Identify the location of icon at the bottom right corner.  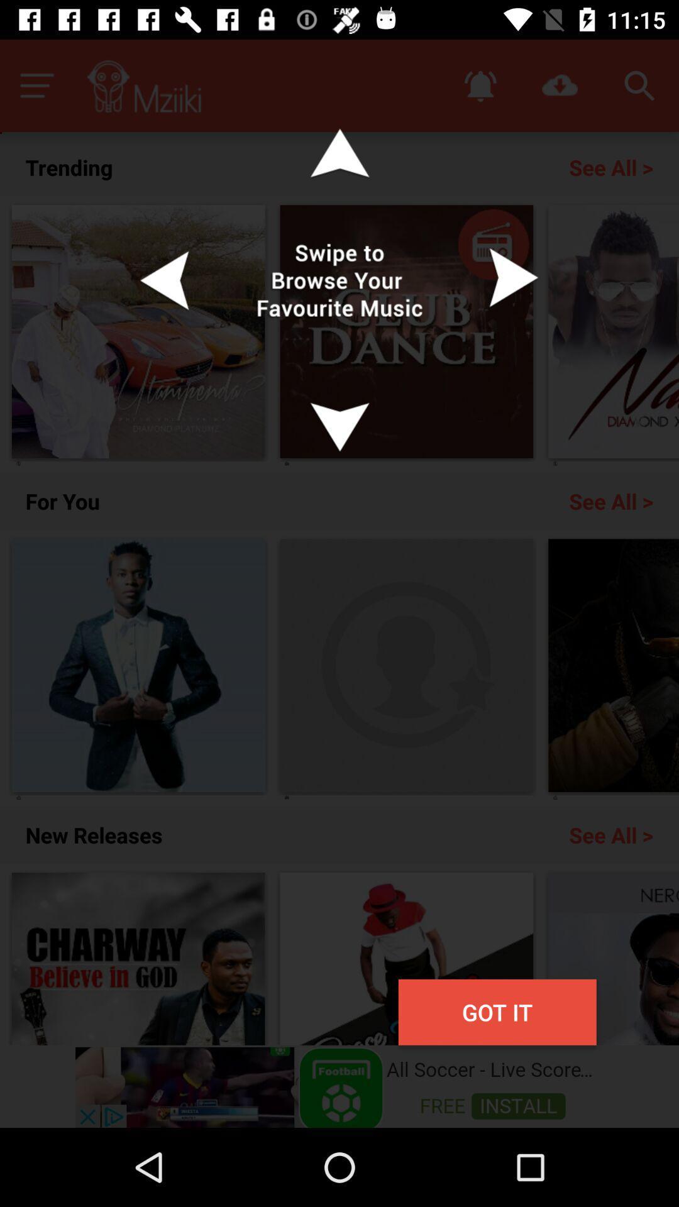
(497, 1012).